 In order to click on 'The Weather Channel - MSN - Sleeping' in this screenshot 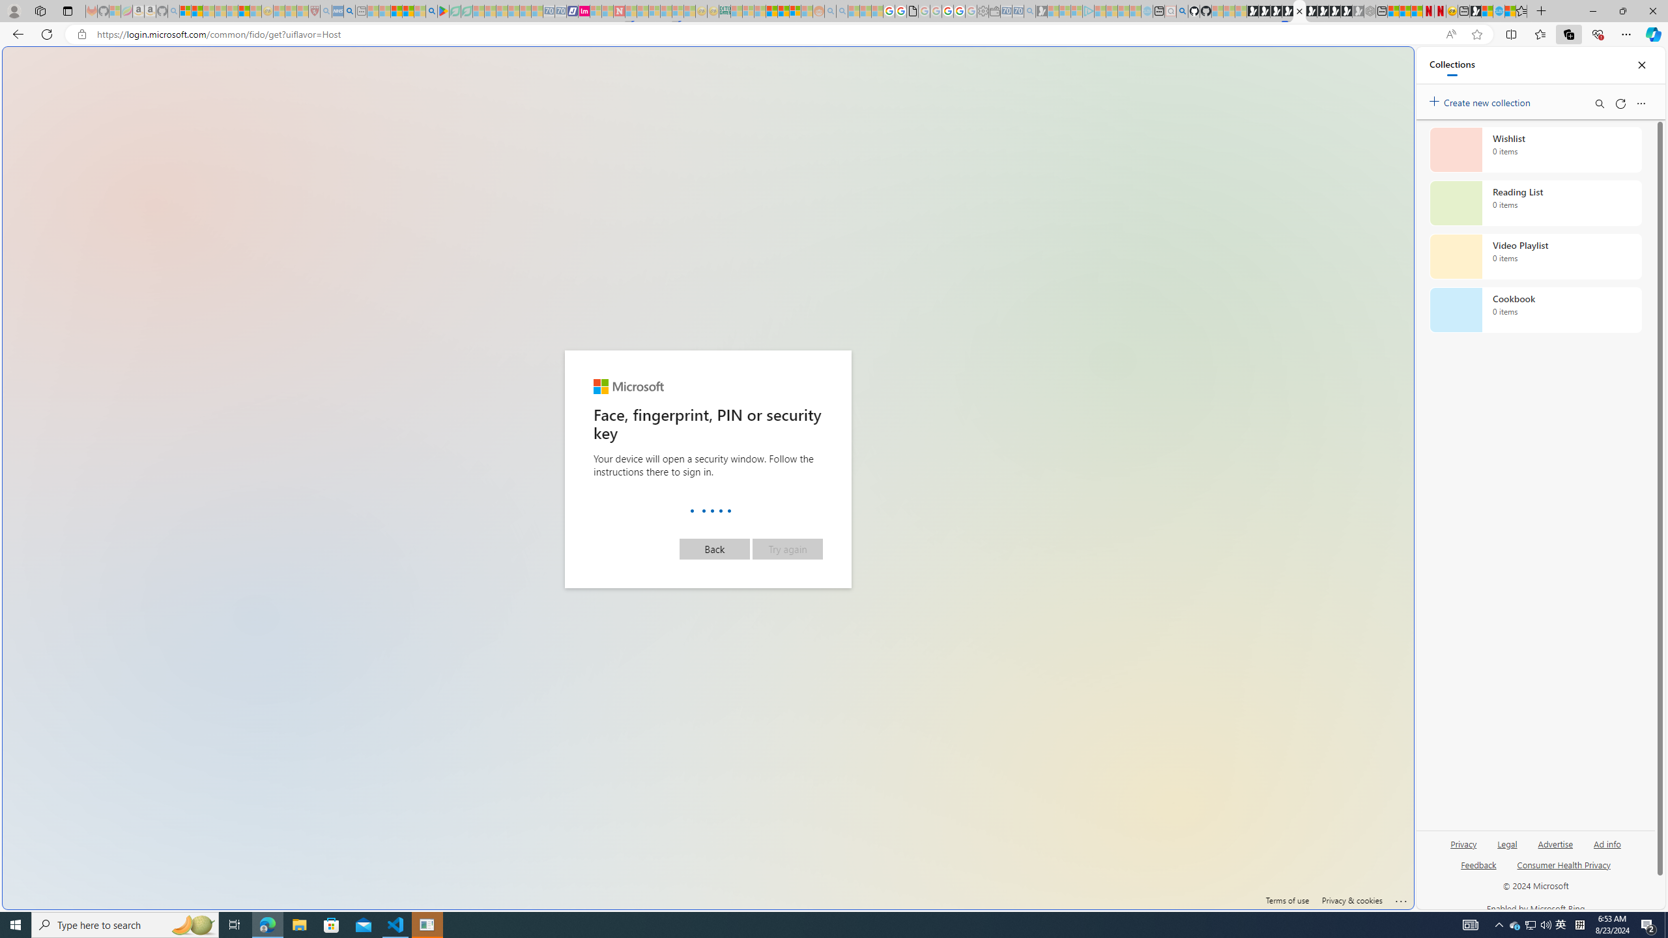, I will do `click(208, 10)`.